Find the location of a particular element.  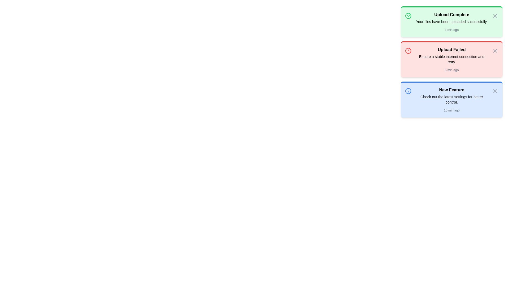

the error alert icon located to the left of the descriptive text within the 'Upload Failed' notification is located at coordinates (408, 51).